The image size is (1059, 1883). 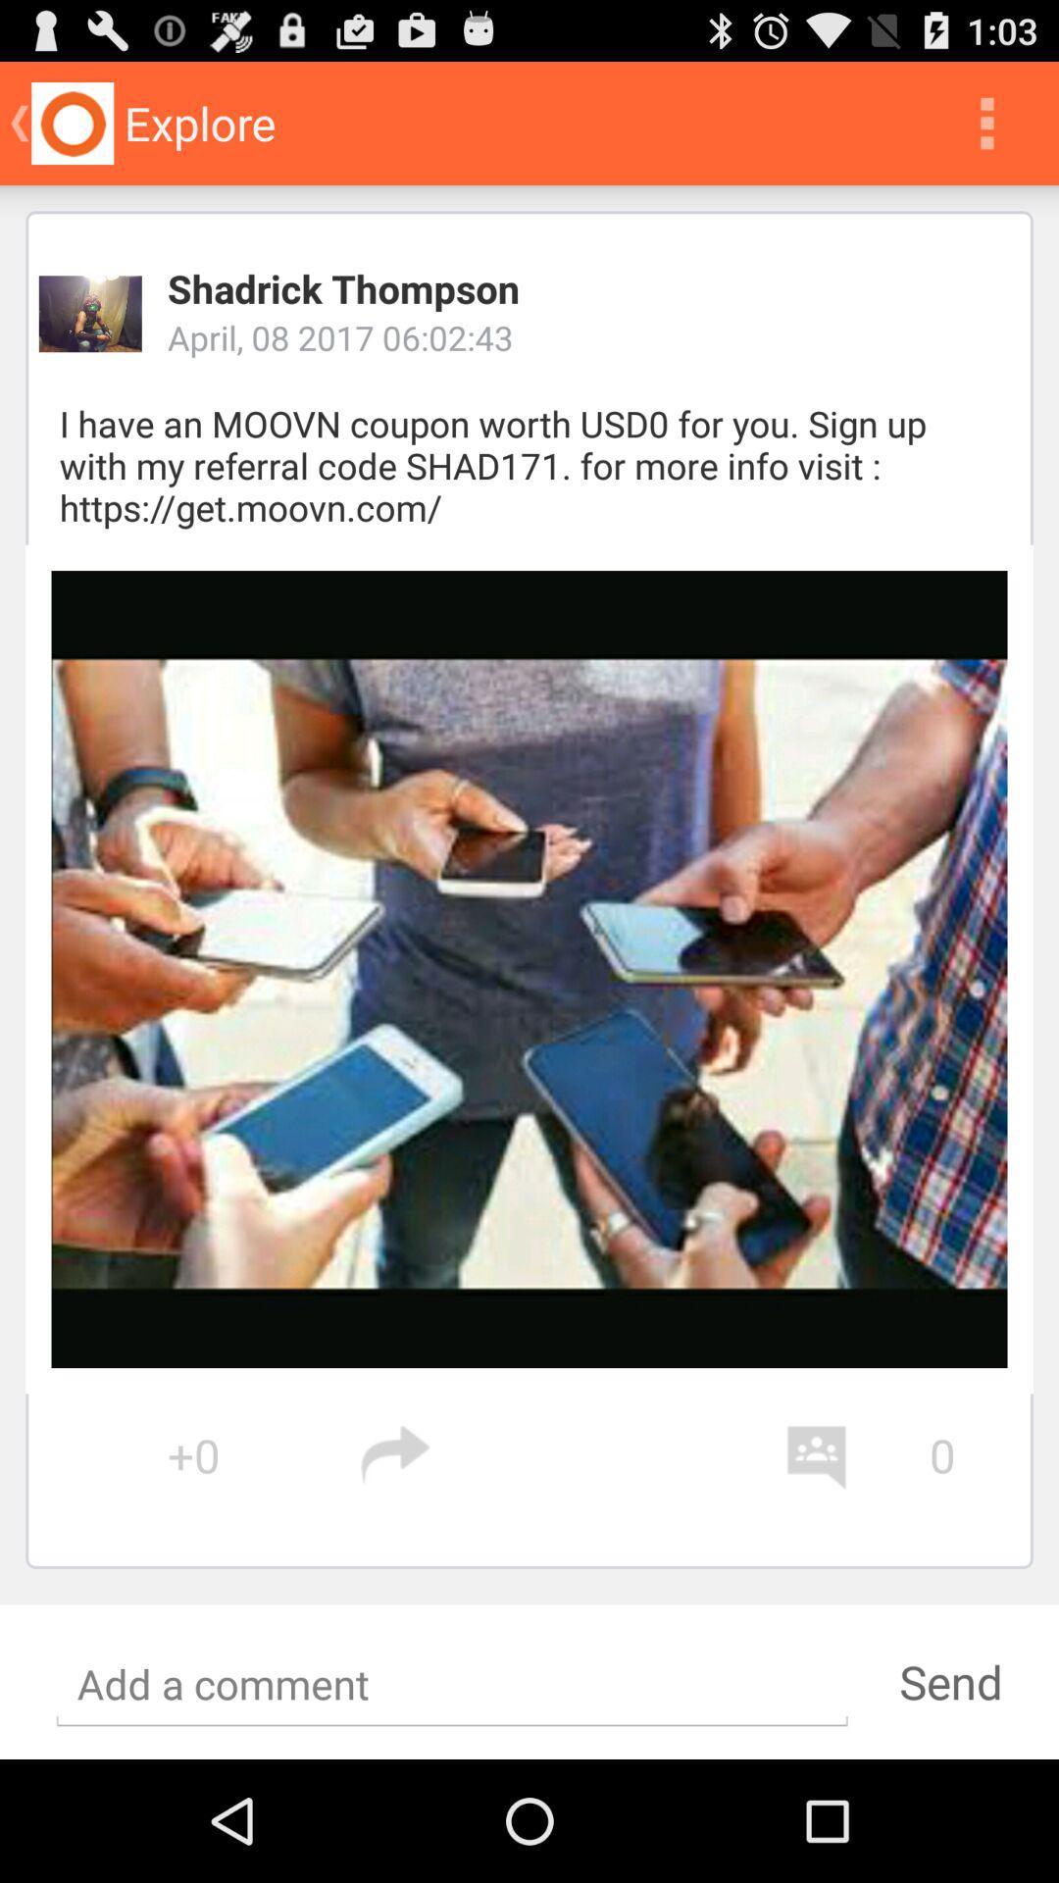 What do you see at coordinates (529, 969) in the screenshot?
I see `app below i have an app` at bounding box center [529, 969].